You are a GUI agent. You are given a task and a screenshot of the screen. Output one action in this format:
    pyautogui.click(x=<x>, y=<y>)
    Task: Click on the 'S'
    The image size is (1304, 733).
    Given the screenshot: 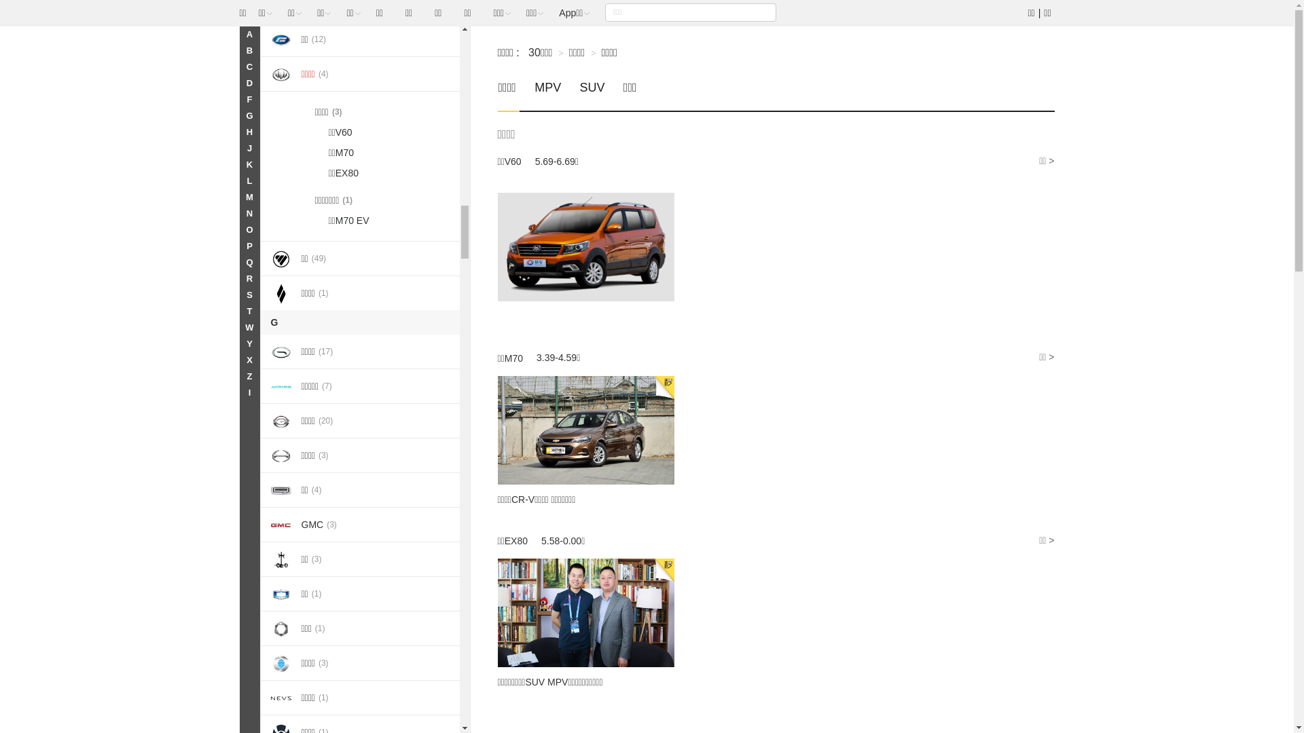 What is the action you would take?
    pyautogui.click(x=249, y=295)
    